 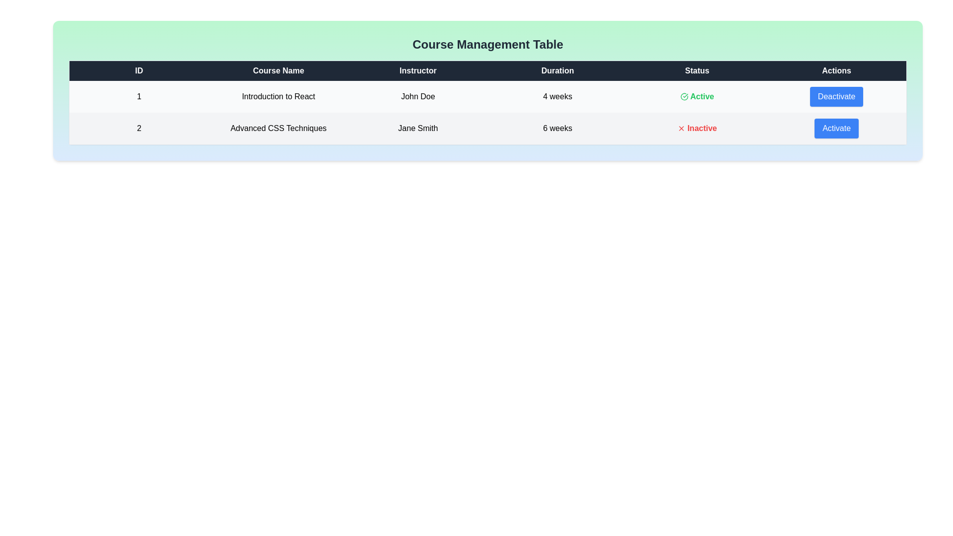 I want to click on the text label that serves as the fourth column header in the Course Management Table, indicating duration-related information for courses, located between 'Instructor' and 'Status', so click(x=557, y=70).